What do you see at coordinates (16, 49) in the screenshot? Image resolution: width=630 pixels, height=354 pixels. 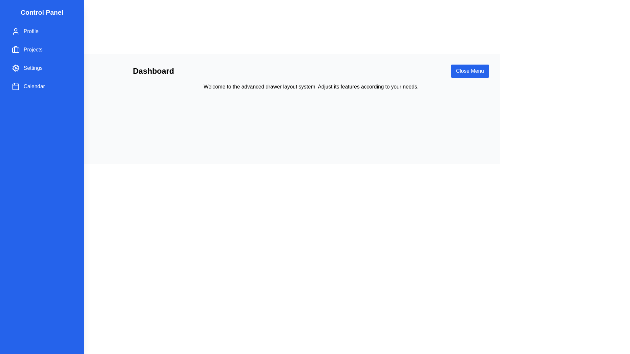 I see `the briefcase icon, which is styled in outline with rounded corners, white color on a blue background, located in the left navigation bar, second from the top, to the left of the 'Projects' text label` at bounding box center [16, 49].